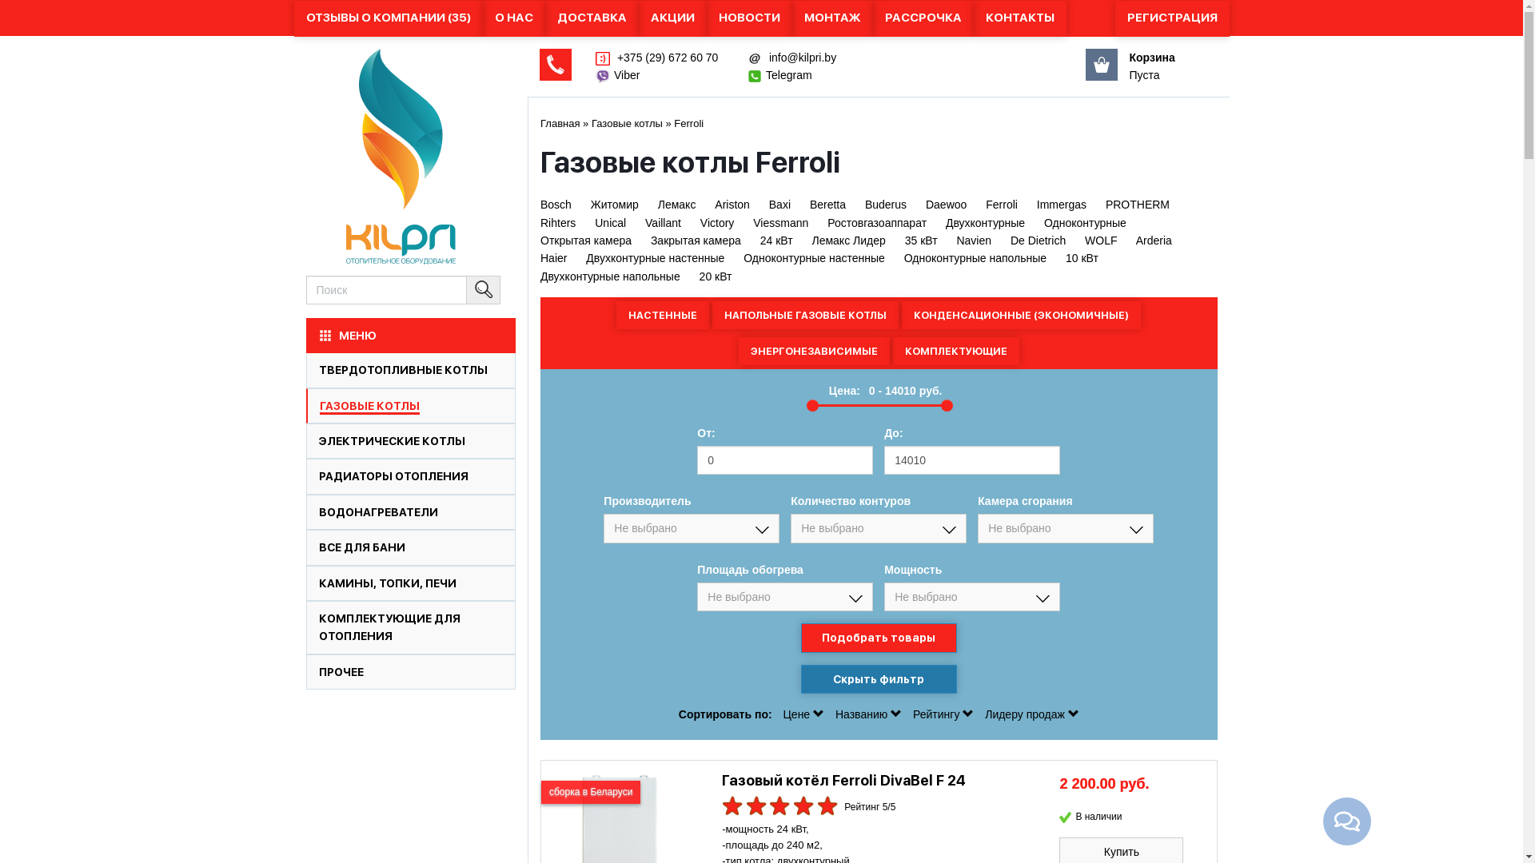 Image resolution: width=1535 pixels, height=863 pixels. I want to click on 'Arderia', so click(1154, 240).